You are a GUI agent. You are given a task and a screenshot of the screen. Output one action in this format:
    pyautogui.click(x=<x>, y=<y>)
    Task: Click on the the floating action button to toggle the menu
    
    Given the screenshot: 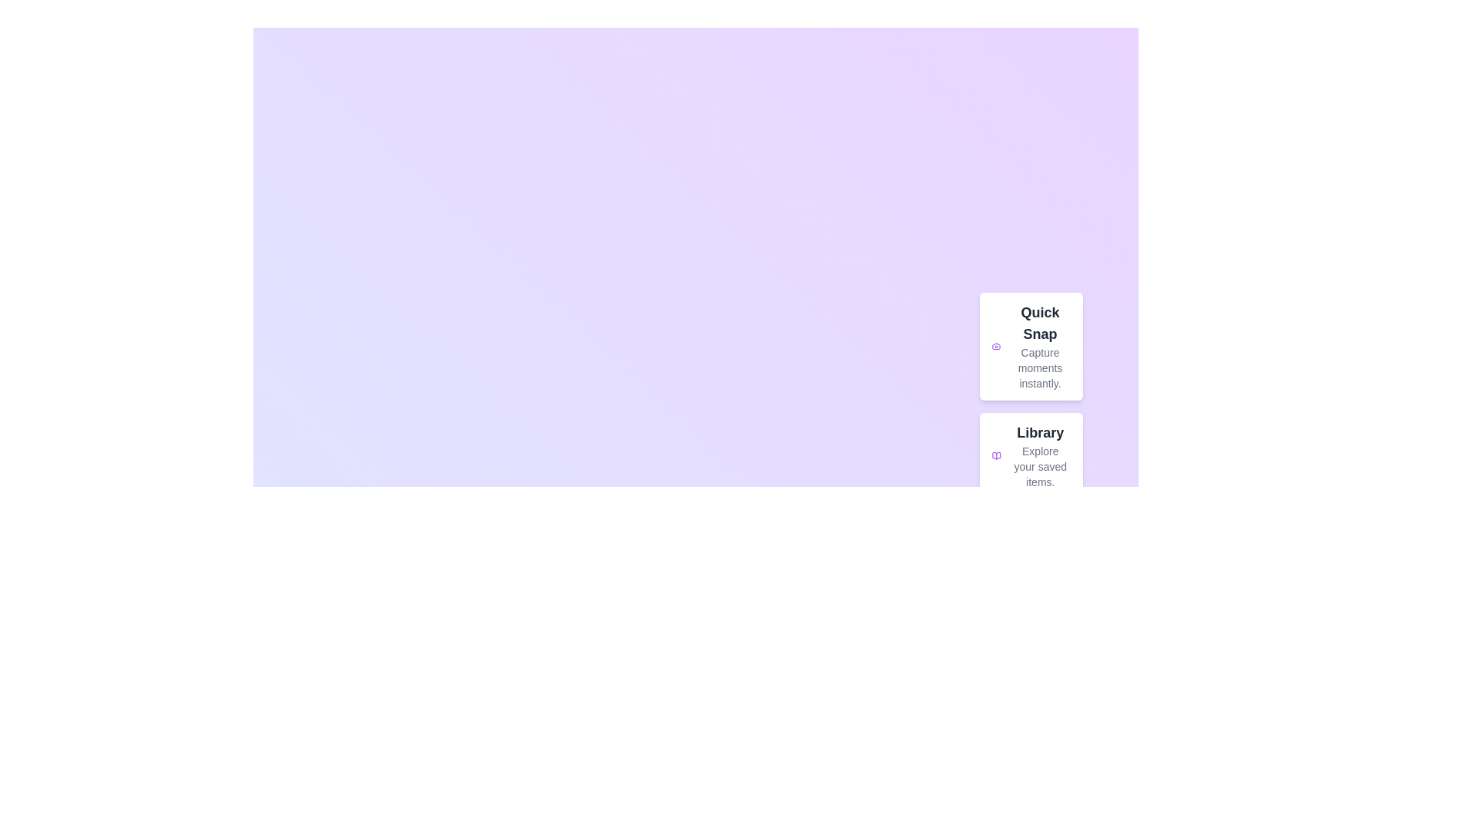 What is the action you would take?
    pyautogui.click(x=1083, y=804)
    